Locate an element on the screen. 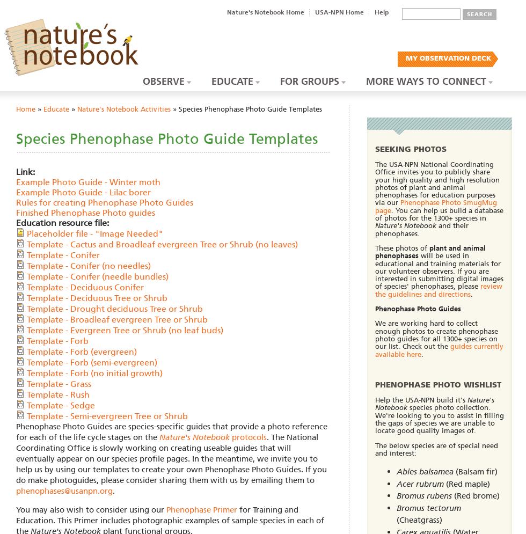 This screenshot has height=534, width=526. 'Abies balsamea' is located at coordinates (424, 471).